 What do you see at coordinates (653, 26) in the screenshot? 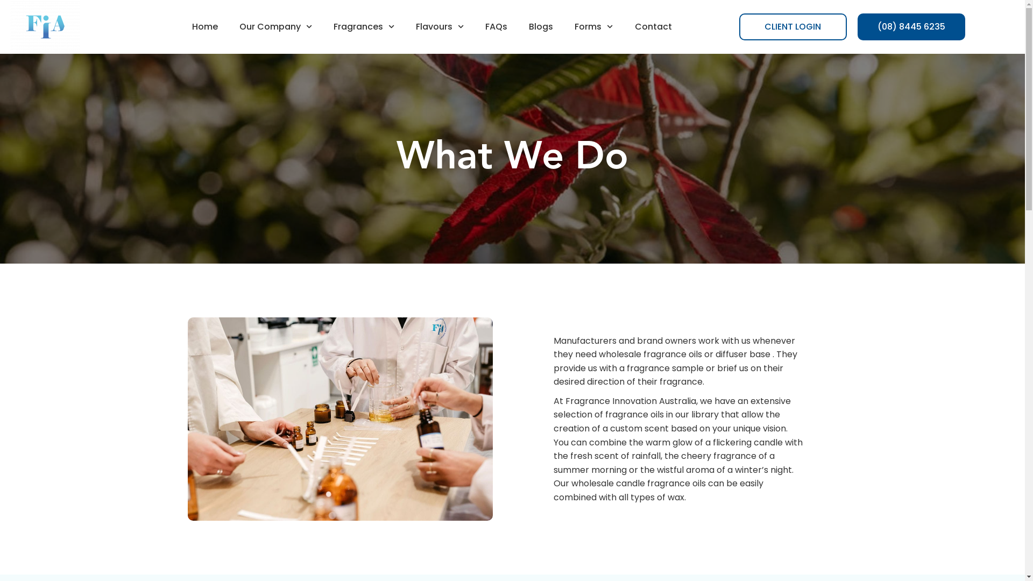
I see `'Contact'` at bounding box center [653, 26].